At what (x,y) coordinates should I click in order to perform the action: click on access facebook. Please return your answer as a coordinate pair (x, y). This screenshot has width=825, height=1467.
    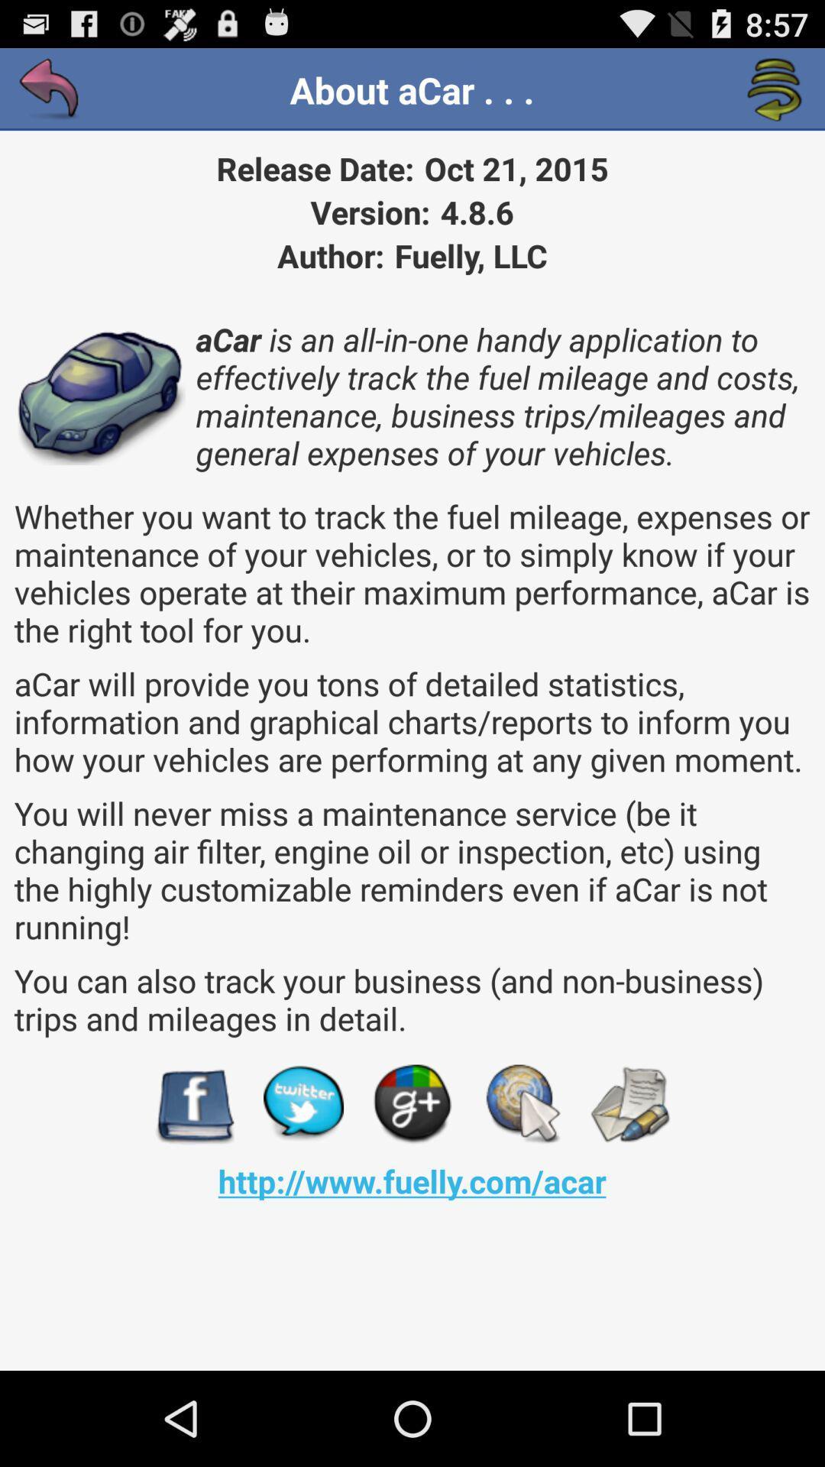
    Looking at the image, I should click on (193, 1104).